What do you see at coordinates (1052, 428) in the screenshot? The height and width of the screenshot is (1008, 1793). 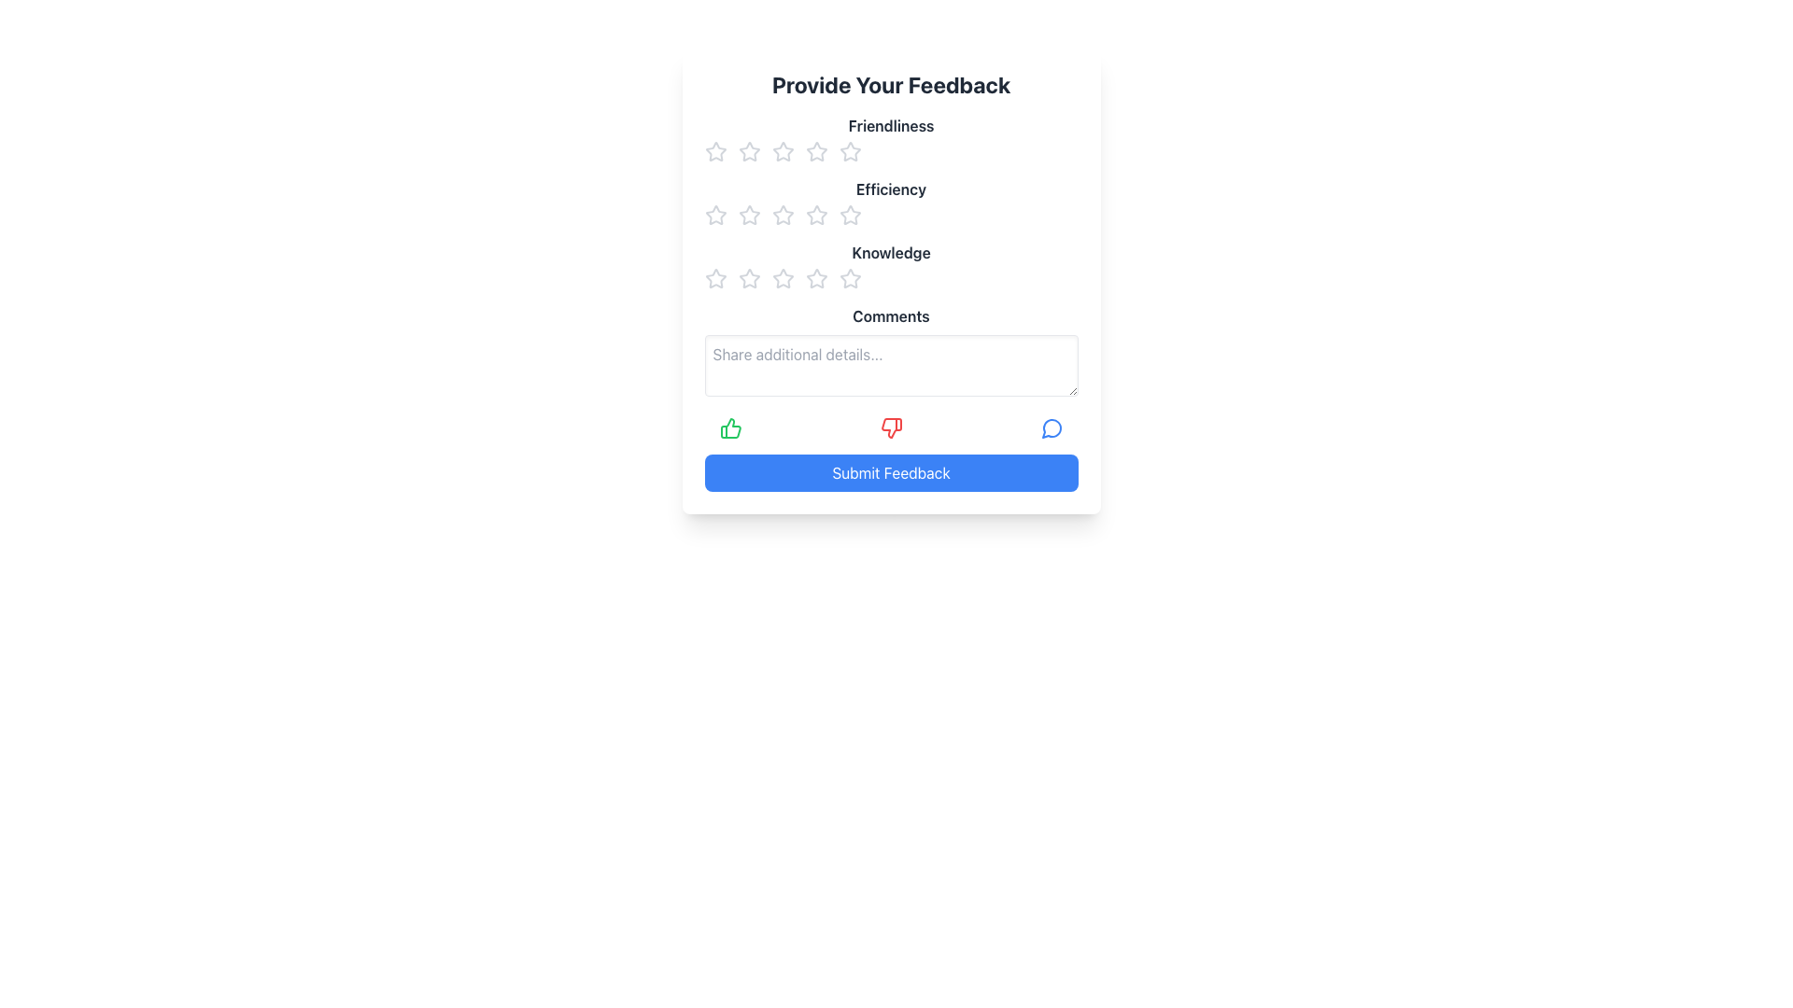 I see `the speech bubble icon segment with a thin outline and filled blue color, located to the right of the feedback form` at bounding box center [1052, 428].